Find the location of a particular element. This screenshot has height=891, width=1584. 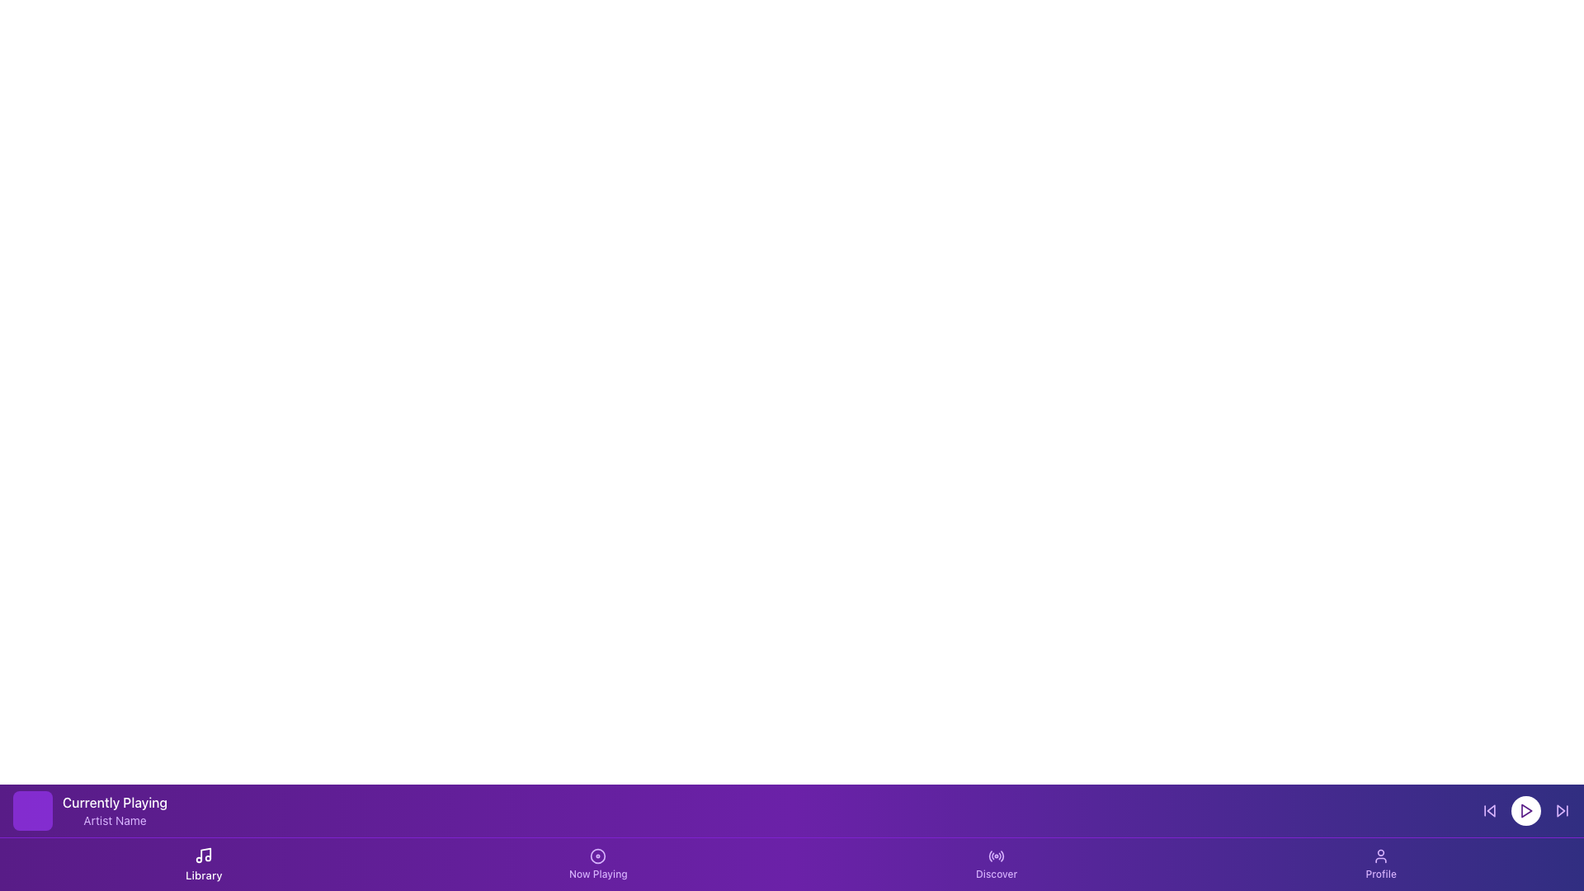

'Profile' text label located in the bottom navigation bar, styled in purple and positioned under the user icon is located at coordinates (1381, 874).